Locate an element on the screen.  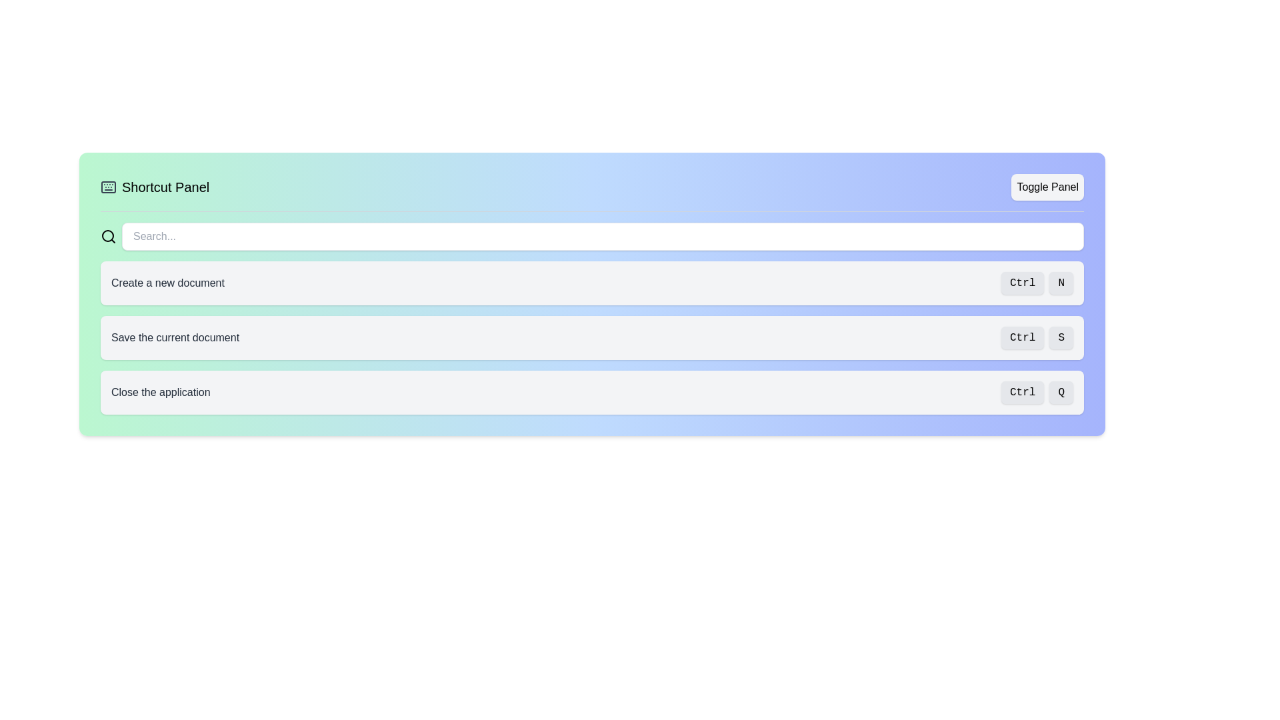
the icon representing the 'Shortcut Panel', which is located to the left of the 'Shortcut Panel' label is located at coordinates (109, 187).